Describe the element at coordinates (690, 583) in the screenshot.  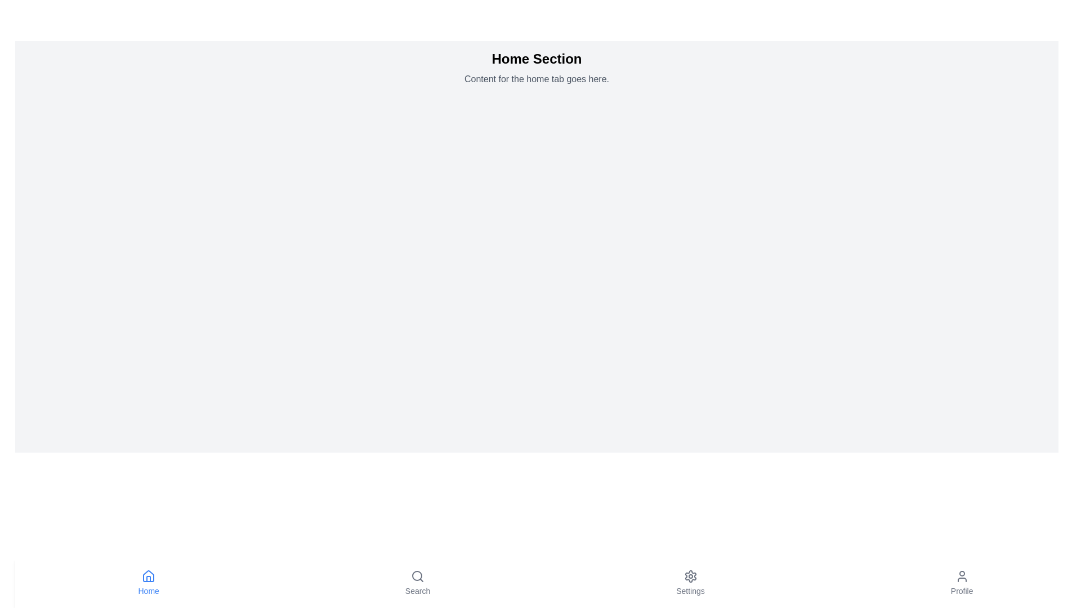
I see `the third button from the left in the bottom navigation bar` at that location.